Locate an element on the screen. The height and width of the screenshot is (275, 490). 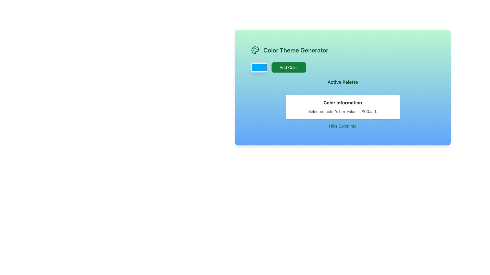
displayed hex color value from the text display located below the 'Color Information' header in the white card is located at coordinates (343, 111).